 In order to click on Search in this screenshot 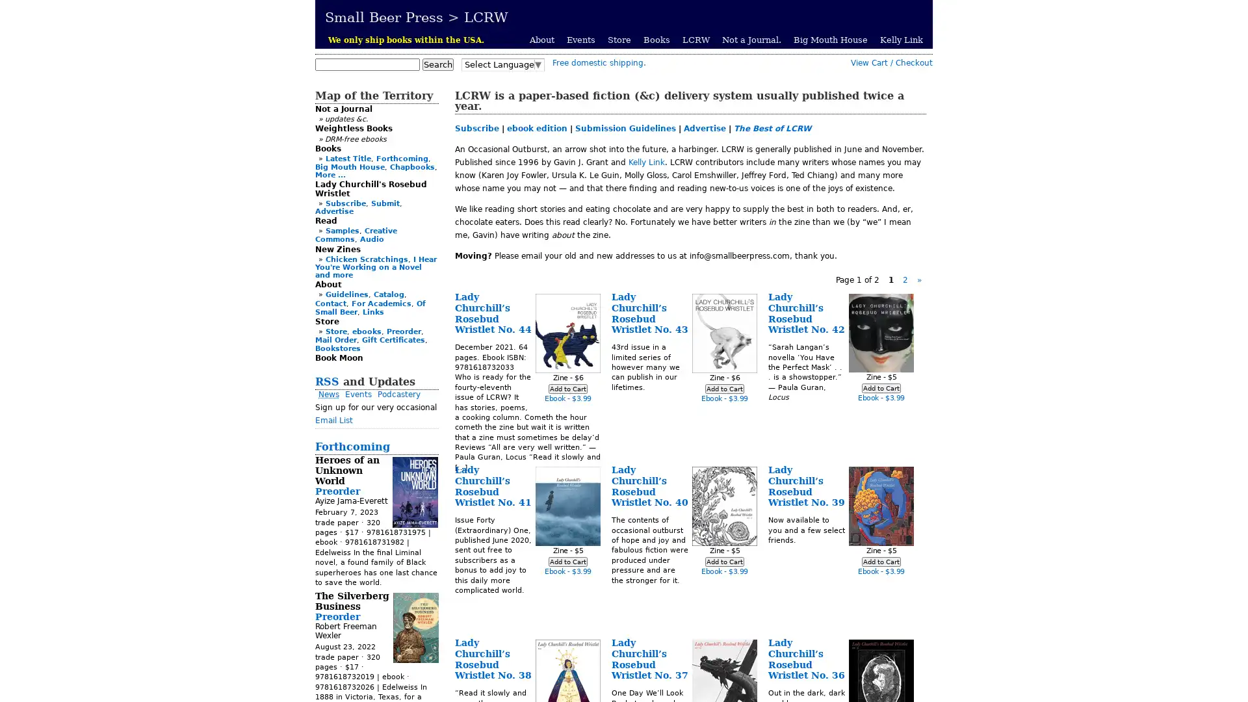, I will do `click(437, 64)`.